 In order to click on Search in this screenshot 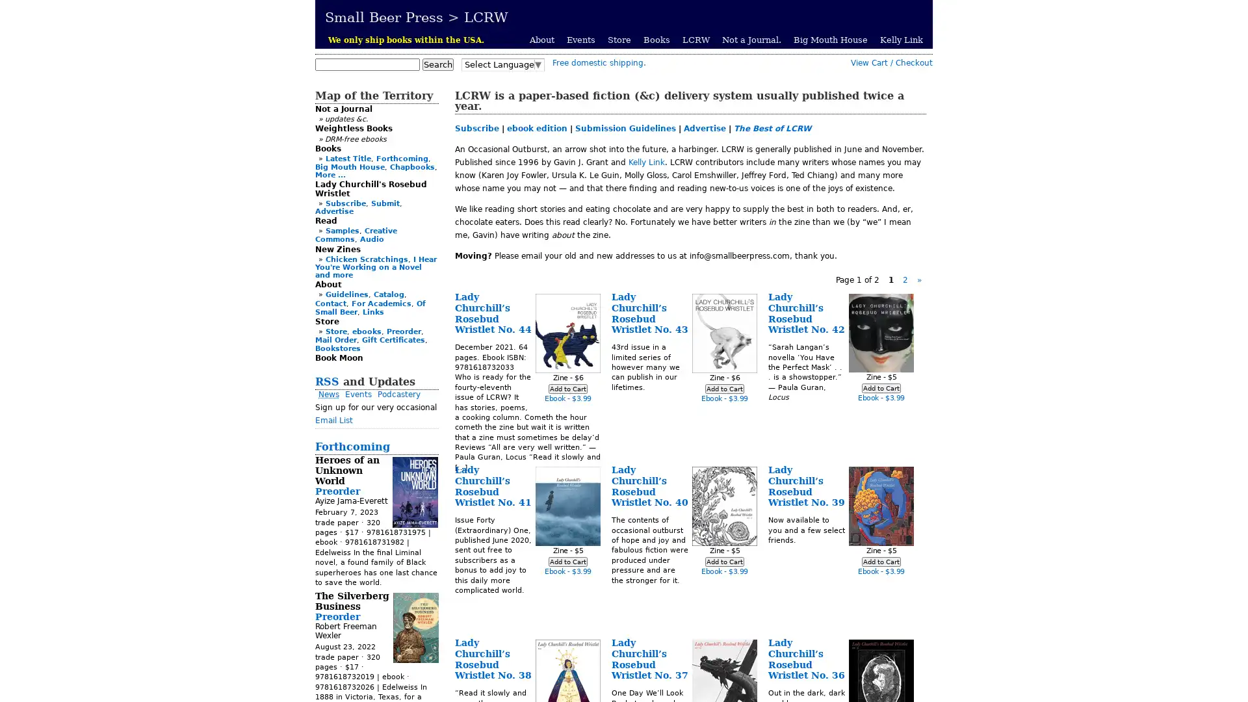, I will do `click(437, 64)`.